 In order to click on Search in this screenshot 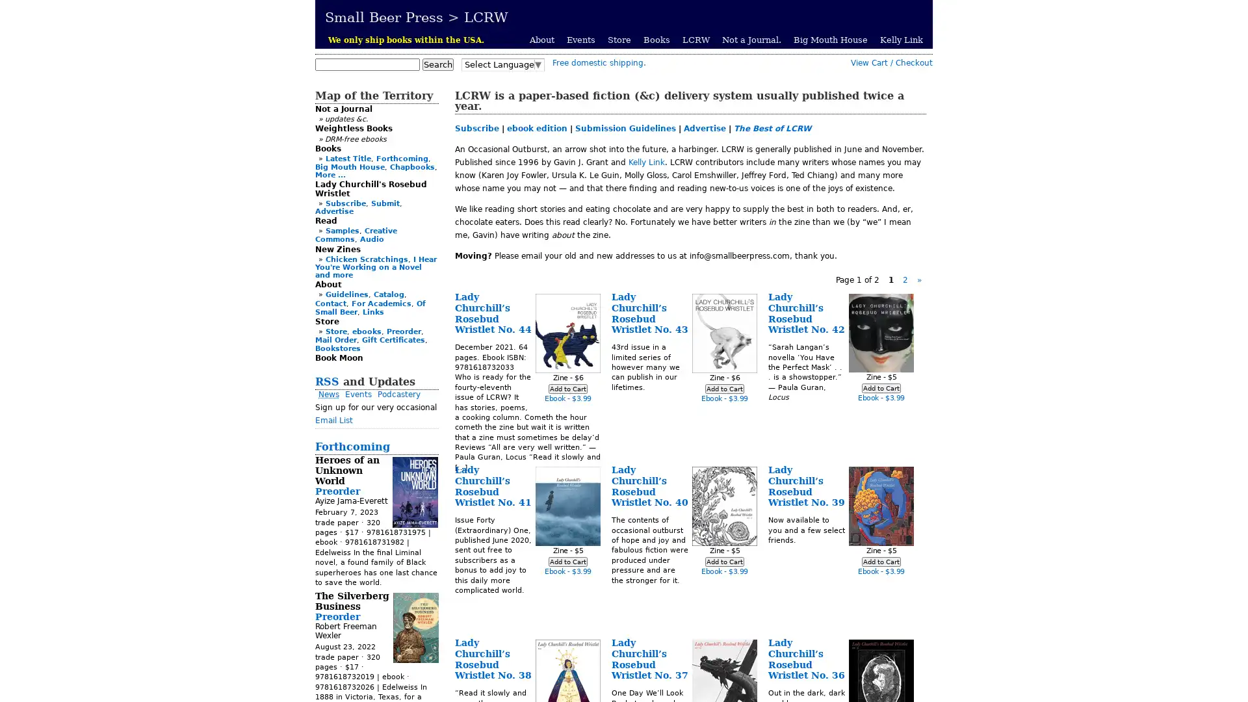, I will do `click(437, 64)`.